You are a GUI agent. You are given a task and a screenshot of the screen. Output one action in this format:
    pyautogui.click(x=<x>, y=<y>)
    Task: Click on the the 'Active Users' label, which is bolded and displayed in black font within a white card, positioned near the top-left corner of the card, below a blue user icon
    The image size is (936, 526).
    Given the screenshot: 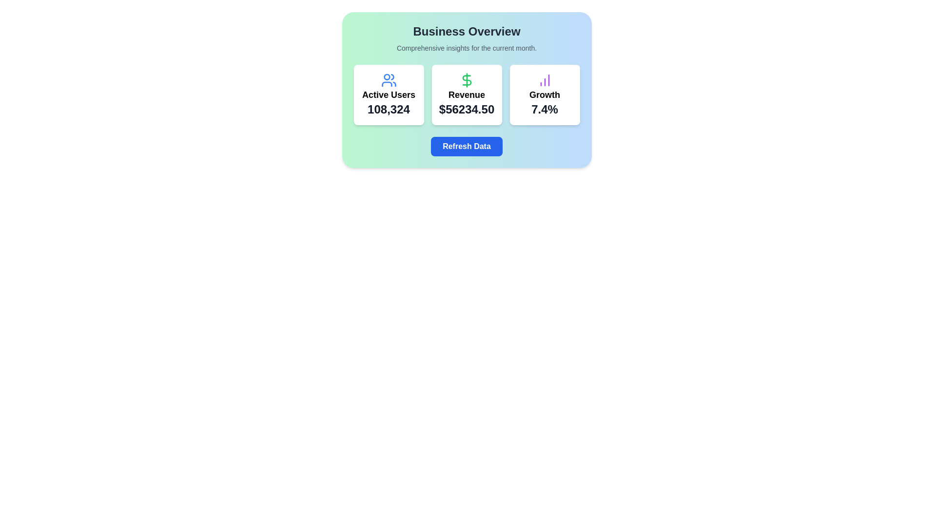 What is the action you would take?
    pyautogui.click(x=388, y=95)
    